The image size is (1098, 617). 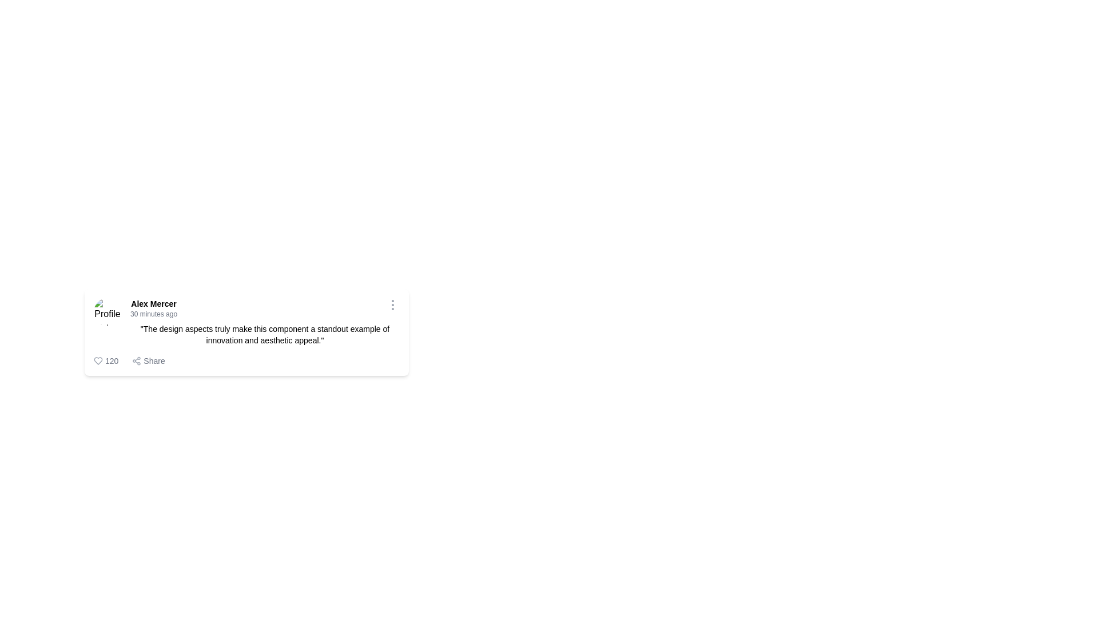 I want to click on the 'like' or 'favorite' icon located to the left of the numeric text '120' in the section that contains a numeric value and a 'Share' text, so click(x=98, y=361).